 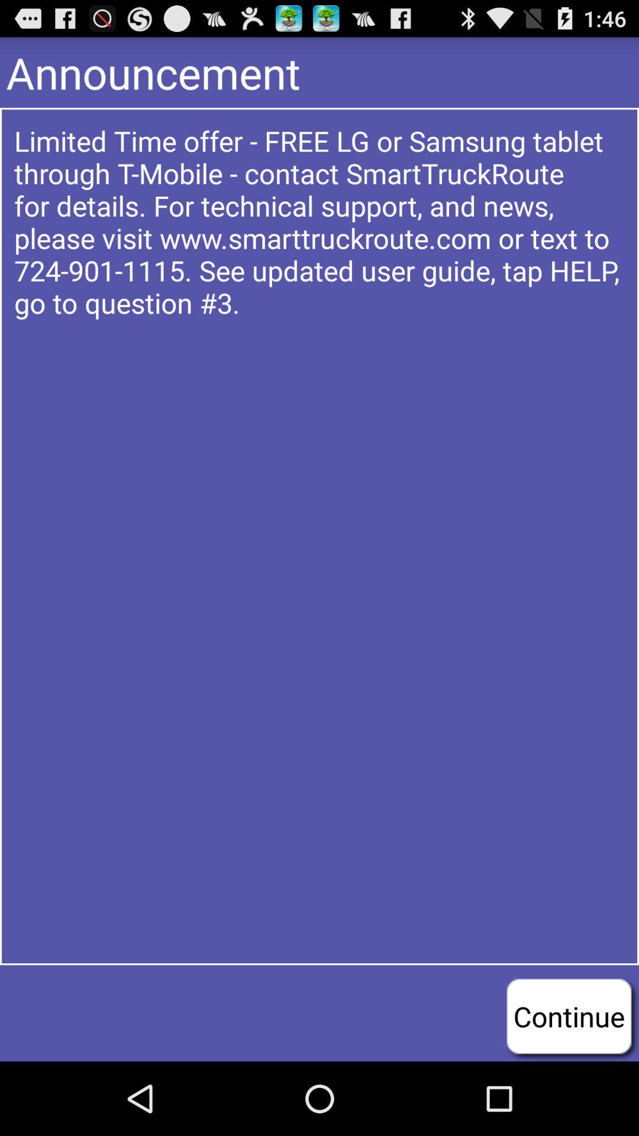 I want to click on the item at the bottom right corner, so click(x=568, y=1015).